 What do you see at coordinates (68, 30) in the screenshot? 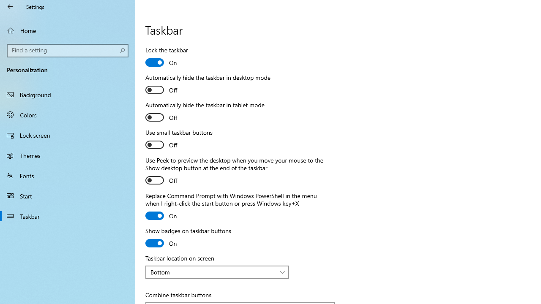
I see `'Home'` at bounding box center [68, 30].